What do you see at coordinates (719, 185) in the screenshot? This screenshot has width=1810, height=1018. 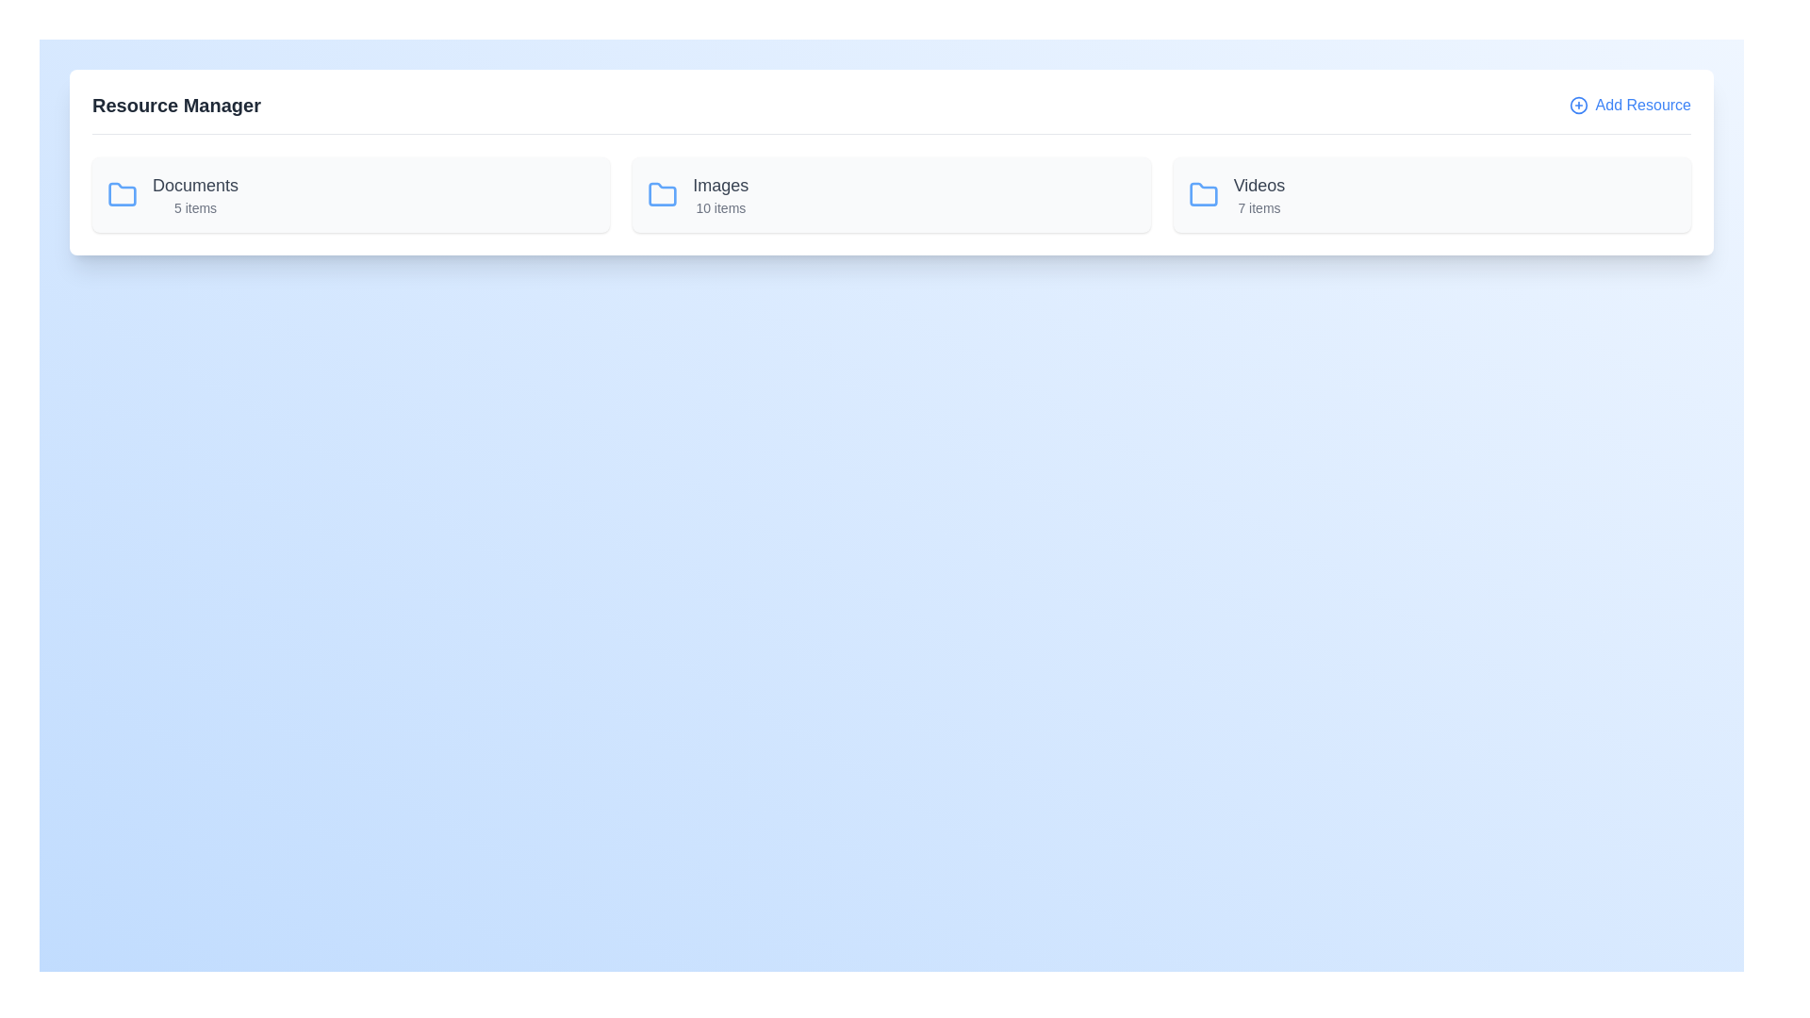 I see `the 'Images' text label located inside its card` at bounding box center [719, 185].